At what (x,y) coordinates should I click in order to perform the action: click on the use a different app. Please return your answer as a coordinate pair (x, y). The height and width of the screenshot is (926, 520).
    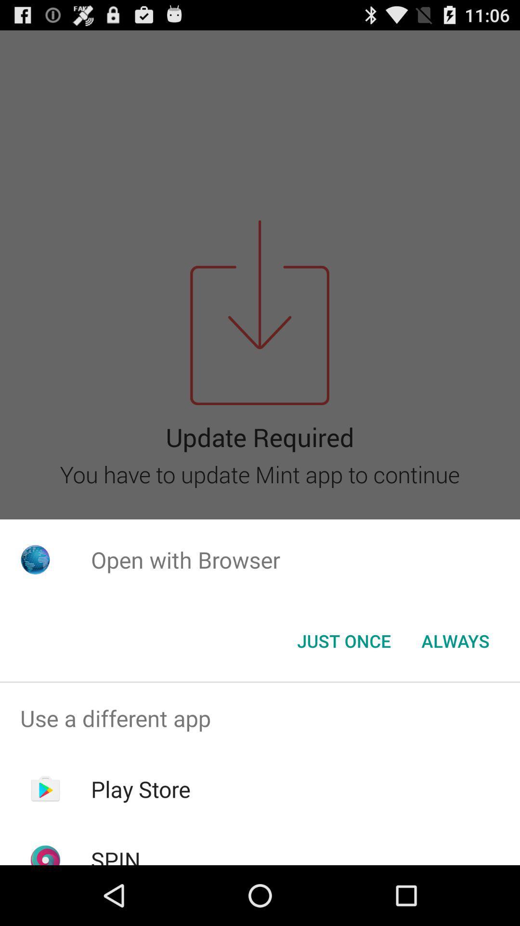
    Looking at the image, I should click on (260, 718).